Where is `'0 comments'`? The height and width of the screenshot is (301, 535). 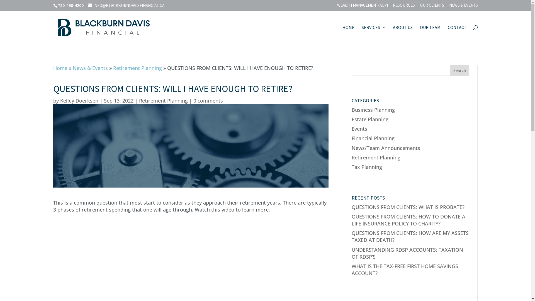
'0 comments' is located at coordinates (193, 101).